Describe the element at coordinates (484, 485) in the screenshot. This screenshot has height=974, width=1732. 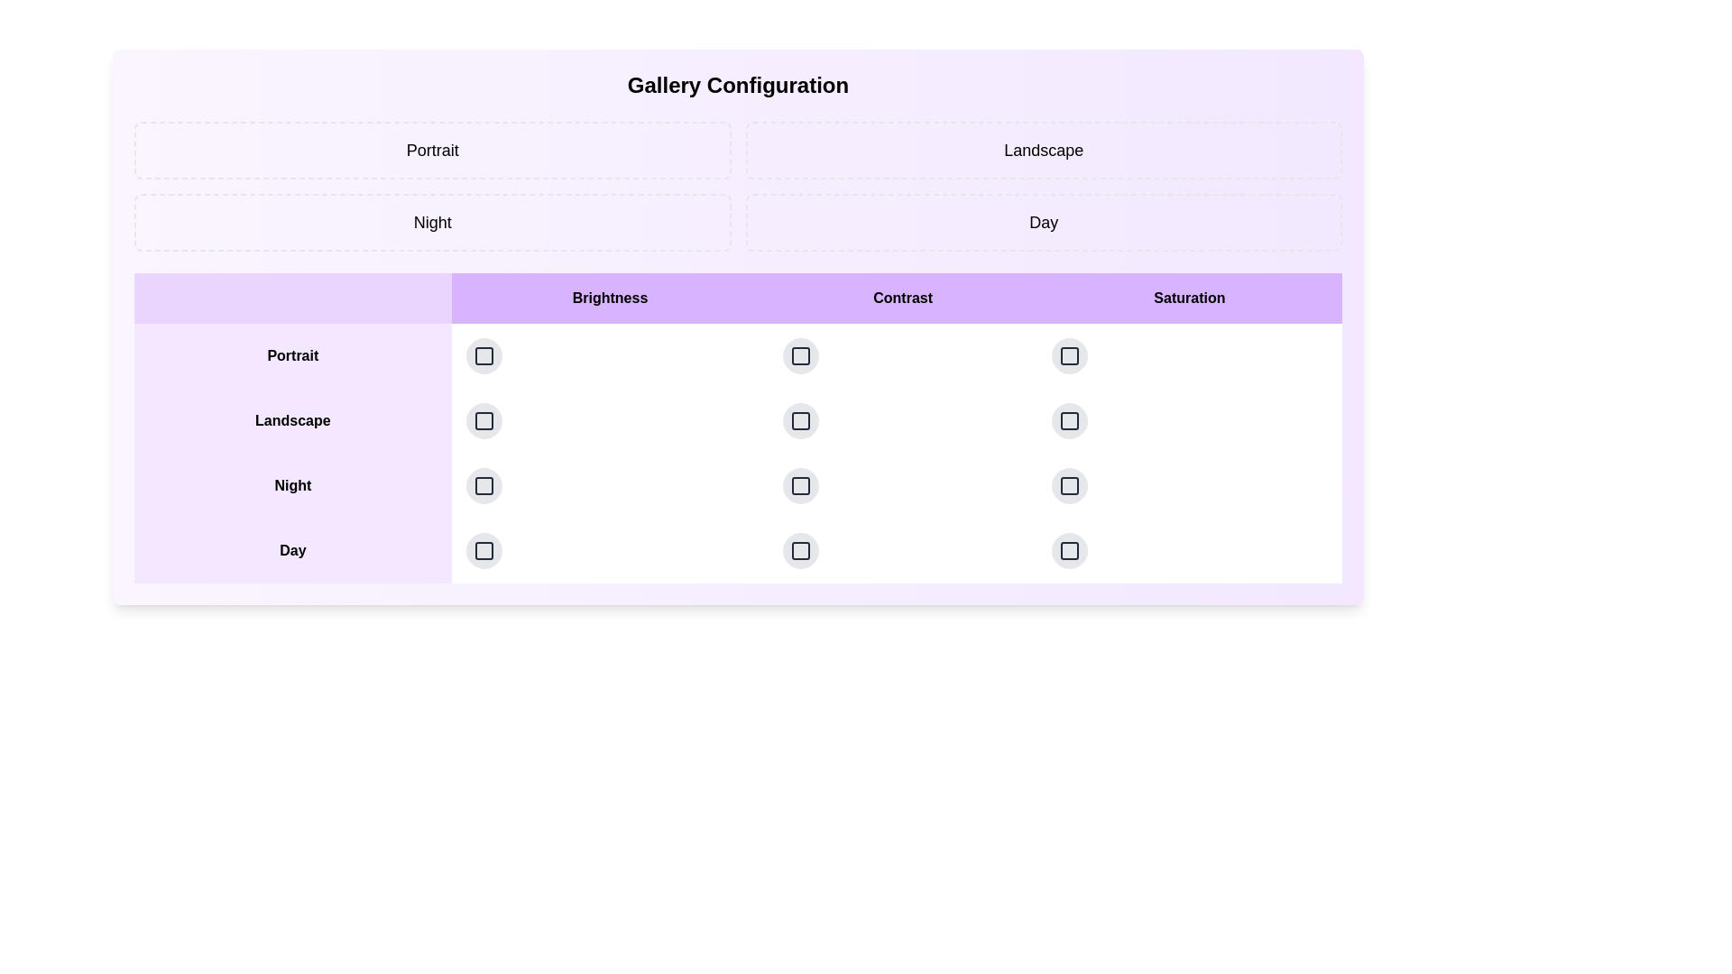
I see `the checkbox located in the second column and third row under the 'Brightness' heading` at that location.